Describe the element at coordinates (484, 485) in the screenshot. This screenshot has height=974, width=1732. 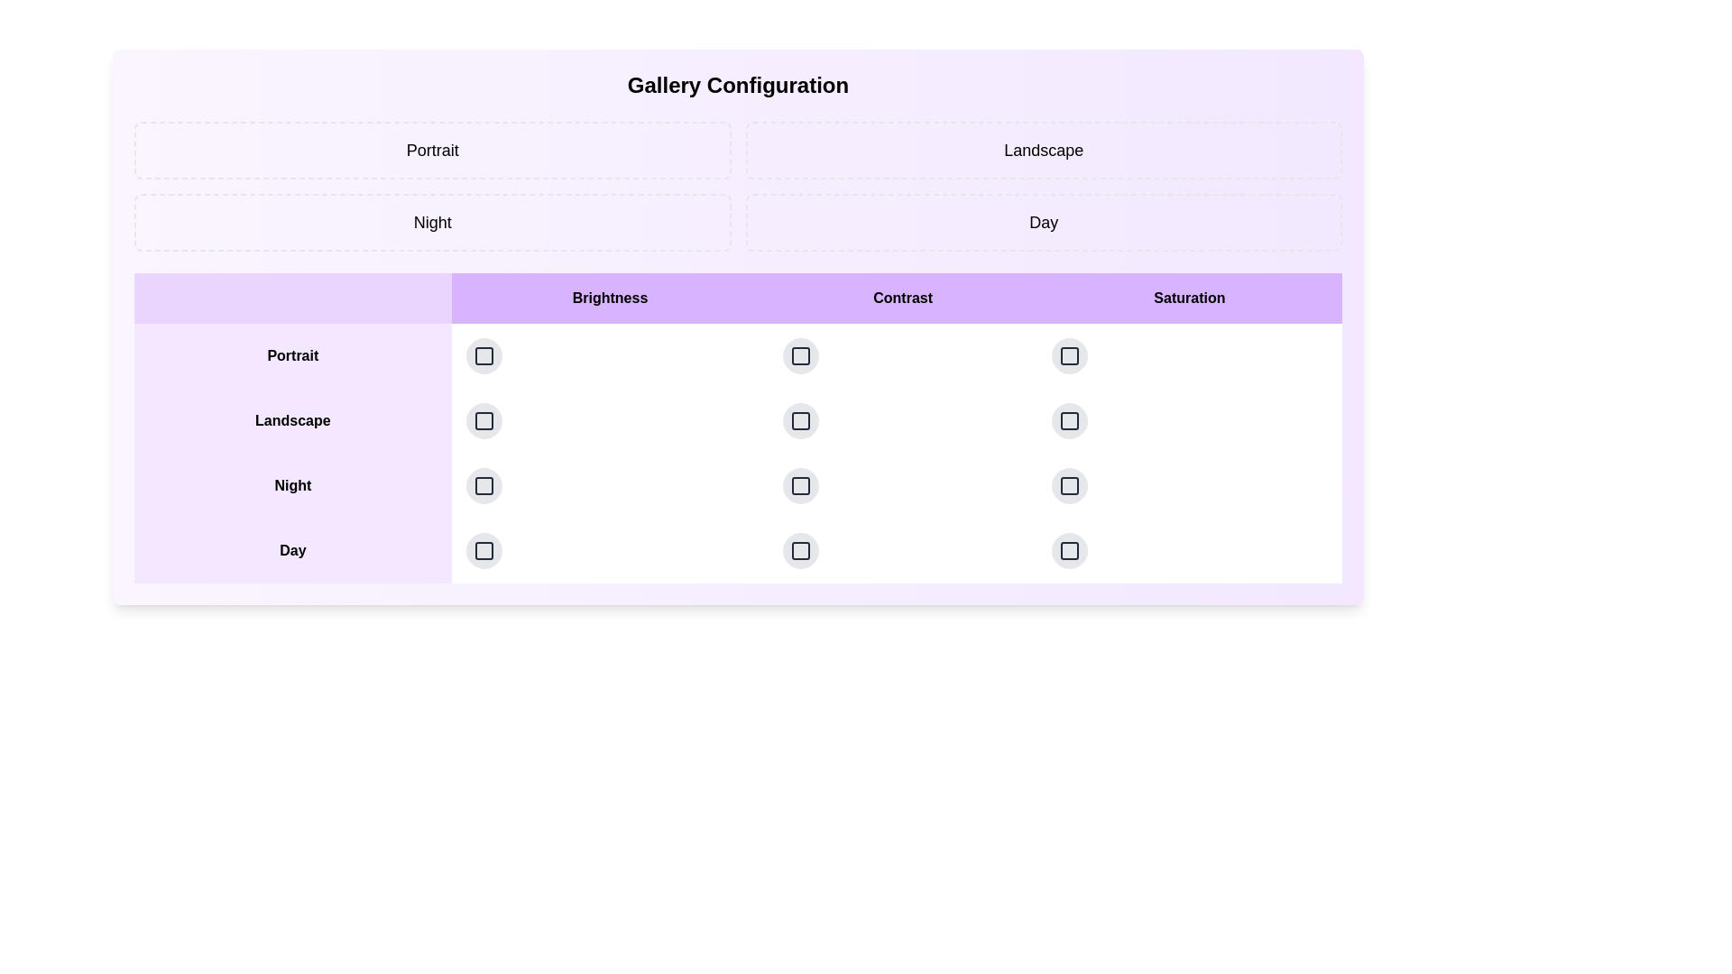
I see `the checkbox located in the second column and third row under the 'Brightness' heading` at that location.